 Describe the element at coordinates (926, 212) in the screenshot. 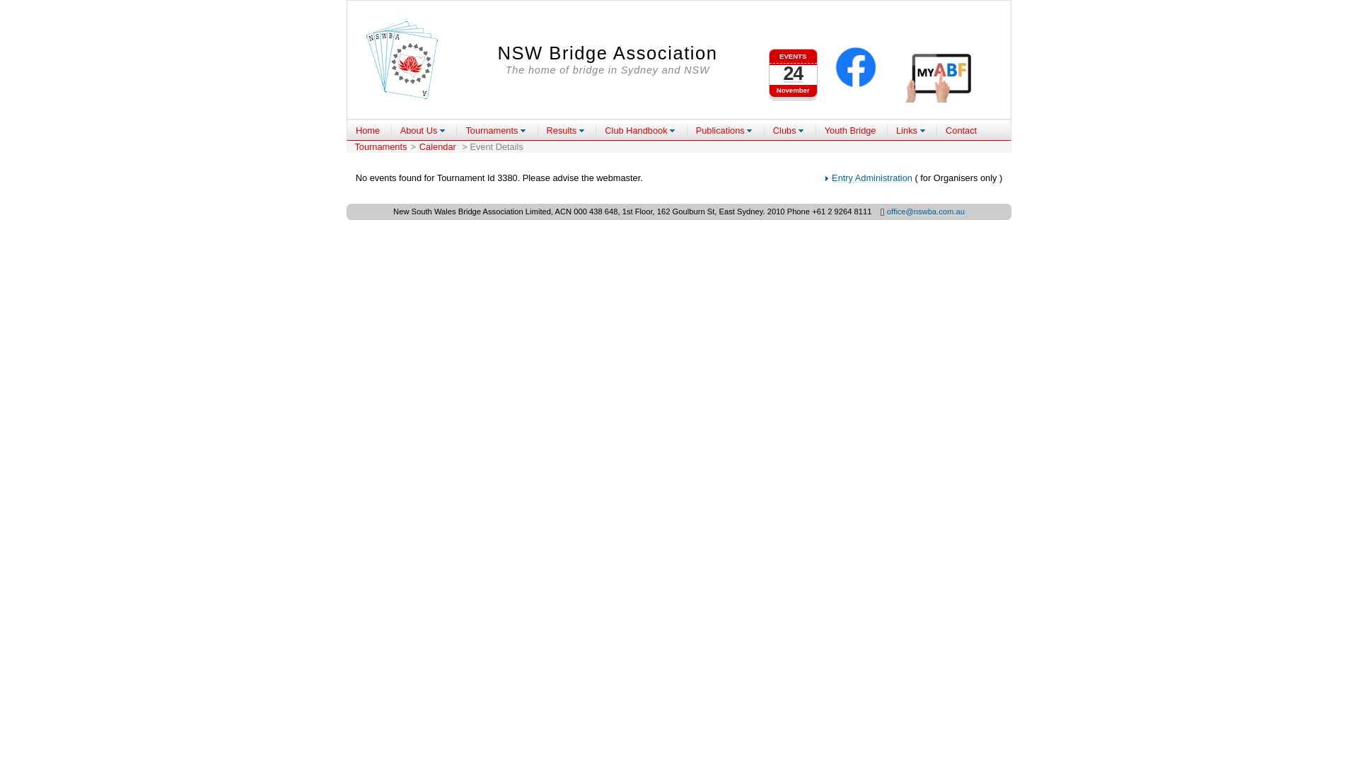

I see `'office@nswba.com.au'` at that location.